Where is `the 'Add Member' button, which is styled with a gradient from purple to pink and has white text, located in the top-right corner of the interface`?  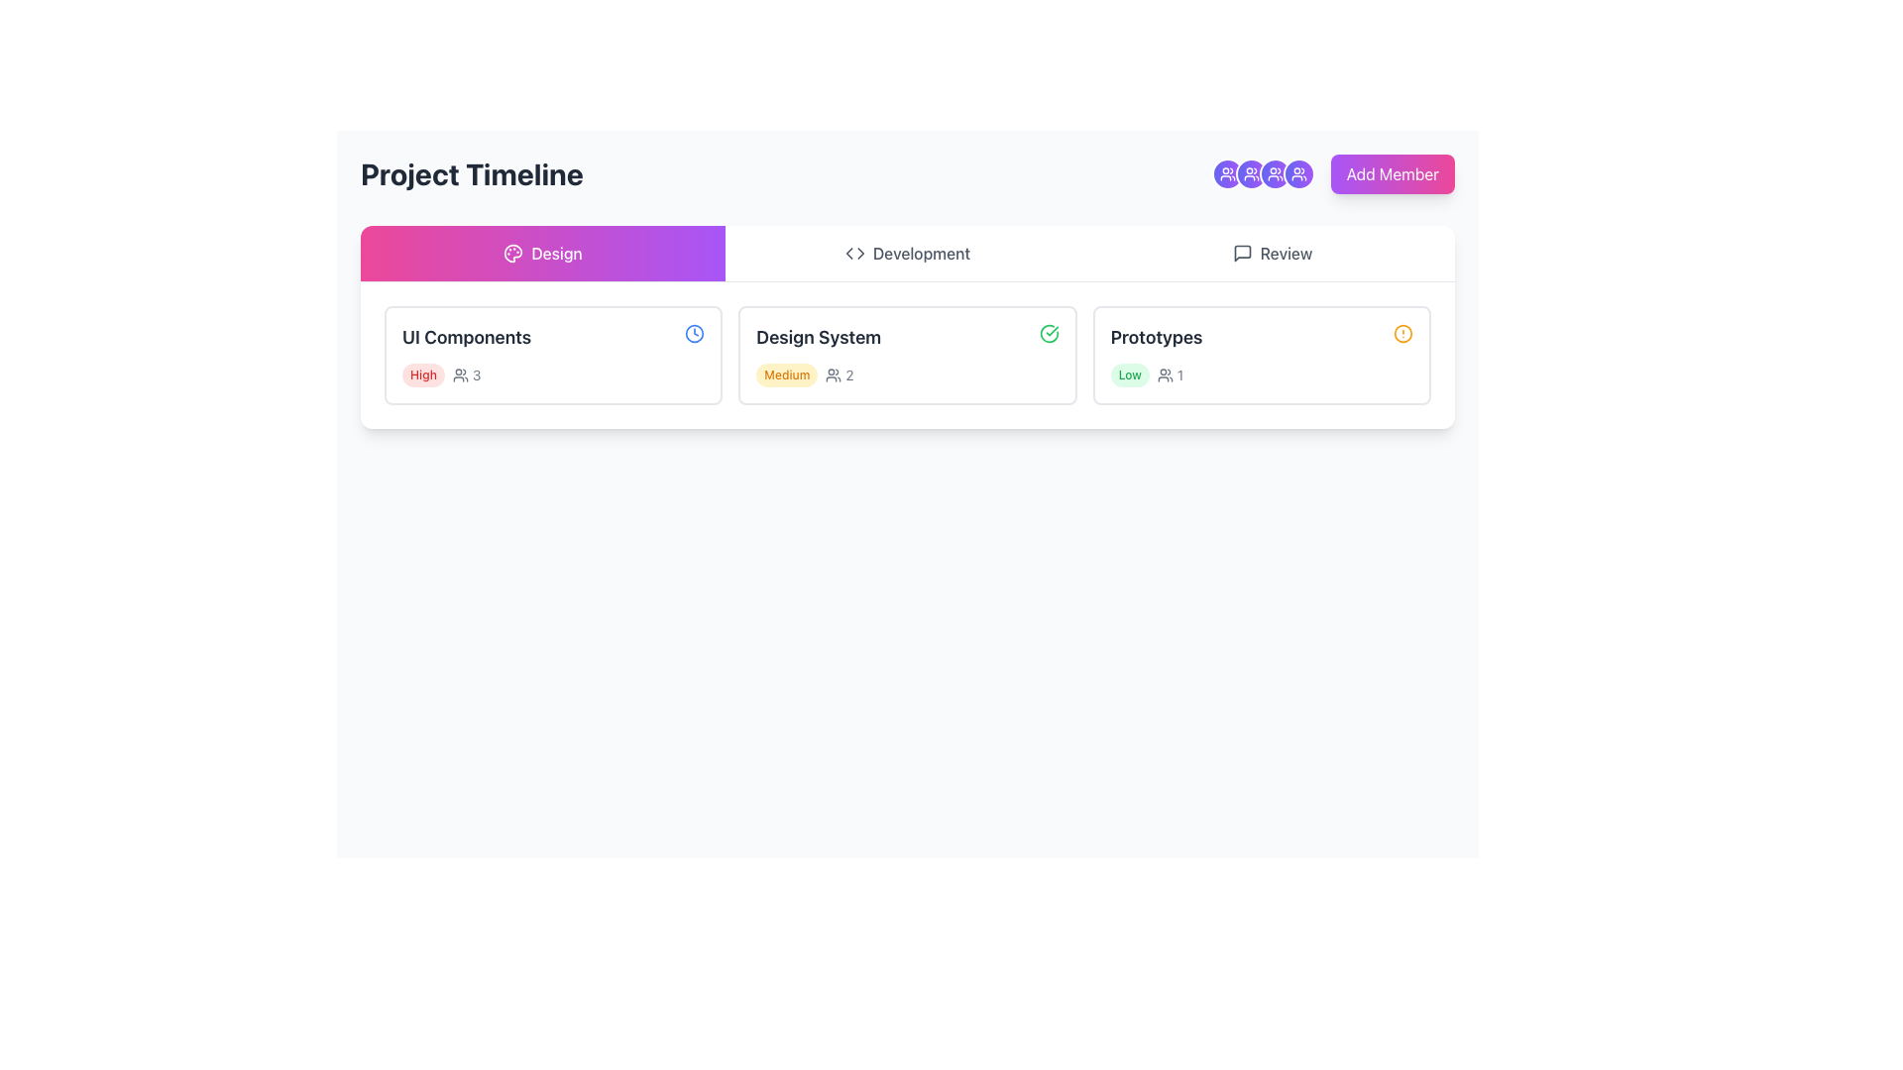 the 'Add Member' button, which is styled with a gradient from purple to pink and has white text, located in the top-right corner of the interface is located at coordinates (1392, 173).